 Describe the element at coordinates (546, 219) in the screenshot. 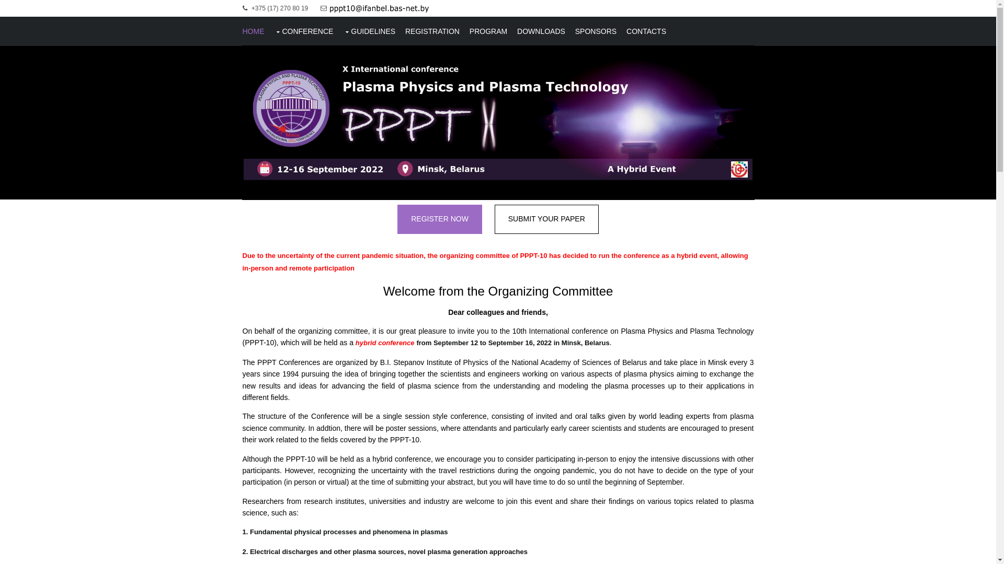

I see `'SUBMIT YOUR PAPER'` at that location.